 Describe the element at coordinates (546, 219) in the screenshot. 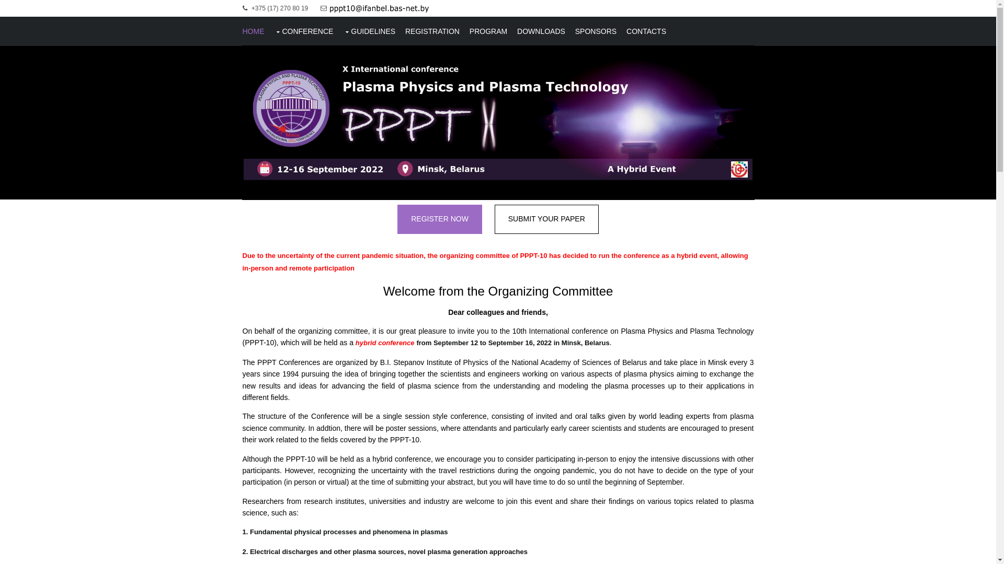

I see `'SUBMIT YOUR PAPER'` at that location.